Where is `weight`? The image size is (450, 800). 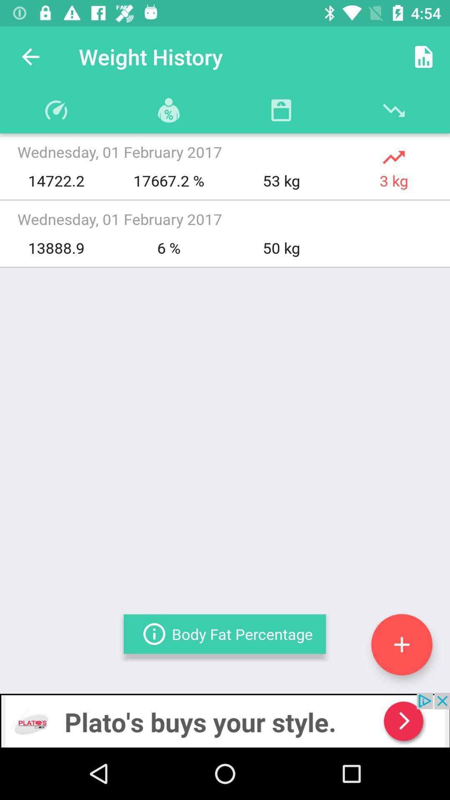
weight is located at coordinates (401, 644).